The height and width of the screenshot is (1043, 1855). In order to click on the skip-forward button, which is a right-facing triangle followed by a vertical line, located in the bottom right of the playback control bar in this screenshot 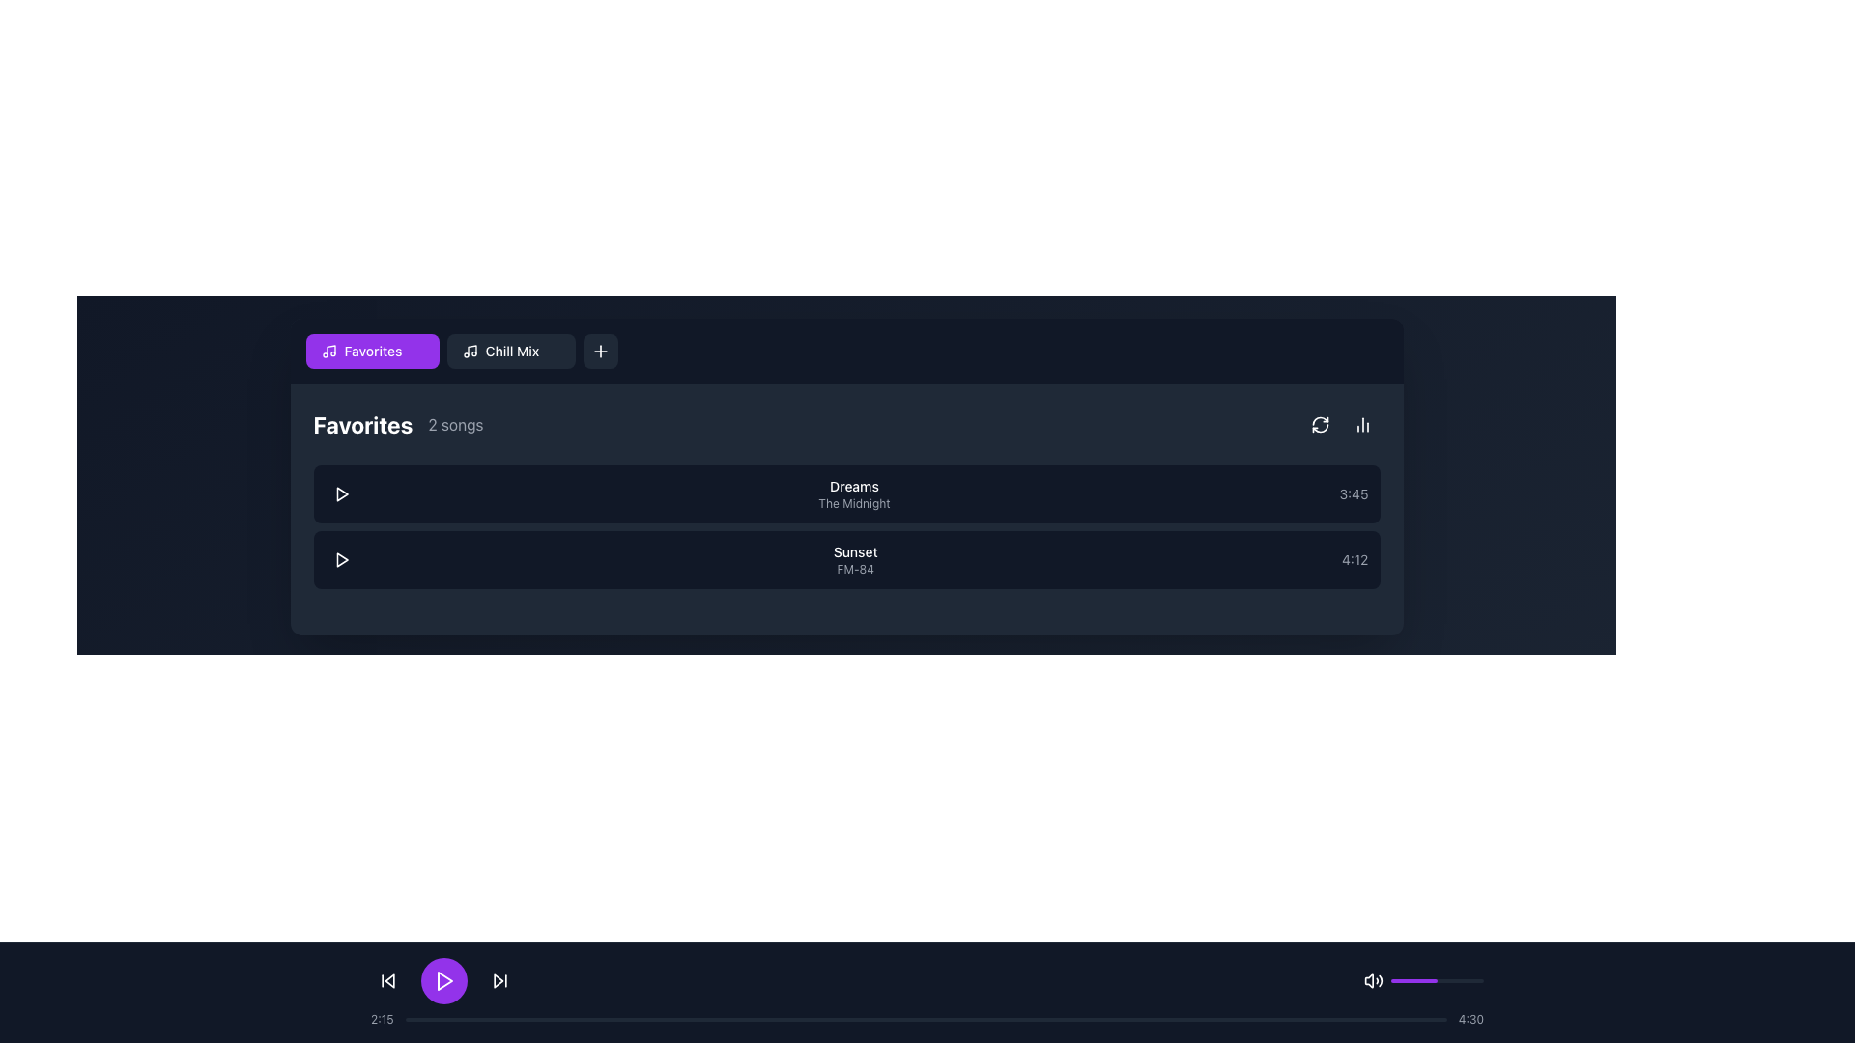, I will do `click(500, 980)`.